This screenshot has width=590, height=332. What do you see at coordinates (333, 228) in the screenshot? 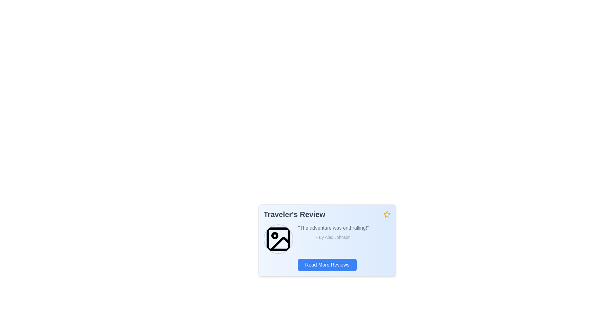
I see `the static text content displaying a quotation or review, which is positioned above the author's name 'By Alex Johnson' in the middle-right section of the review card` at bounding box center [333, 228].